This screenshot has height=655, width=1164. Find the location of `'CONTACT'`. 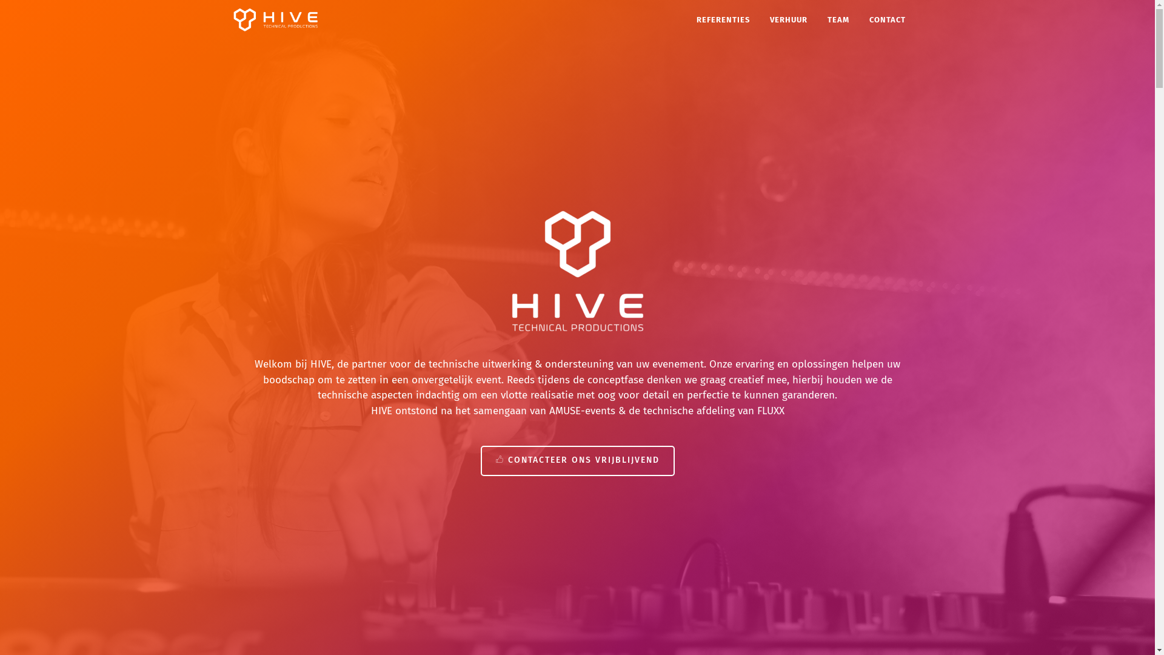

'CONTACT' is located at coordinates (888, 19).